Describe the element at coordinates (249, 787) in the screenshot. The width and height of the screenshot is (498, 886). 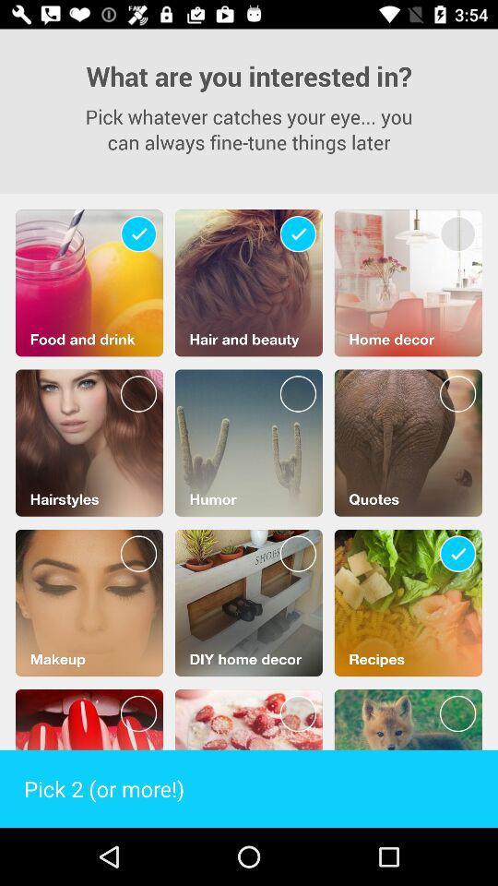
I see `the pick 2 or item` at that location.